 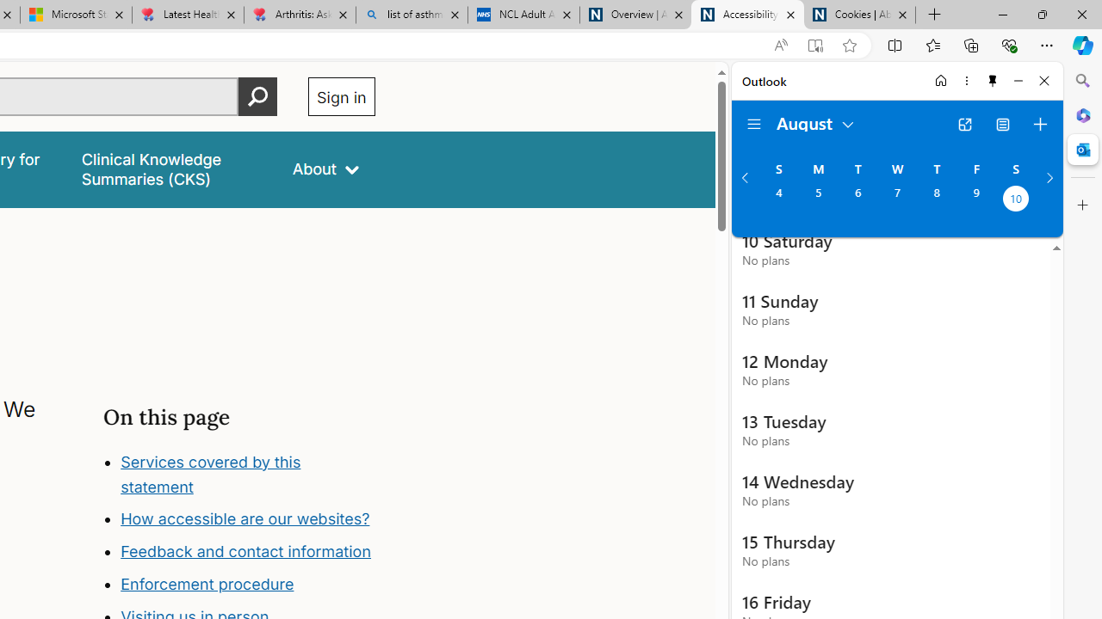 I want to click on 'Arthritis: Ask Health Professionals', so click(x=300, y=15).